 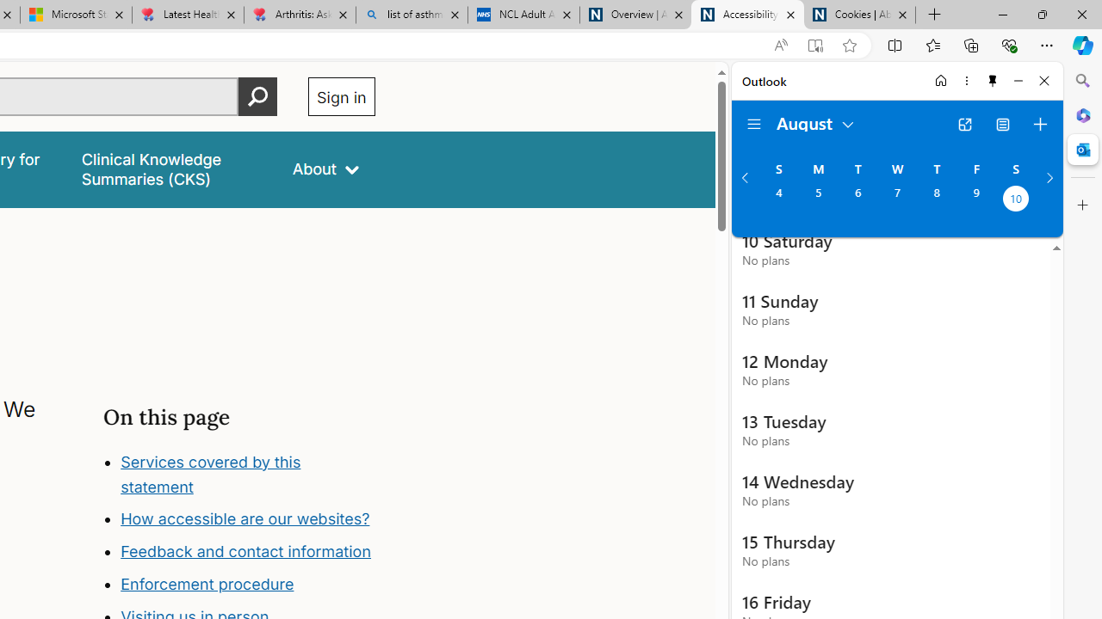 I want to click on 'Arthritis: Ask Health Professionals', so click(x=300, y=15).